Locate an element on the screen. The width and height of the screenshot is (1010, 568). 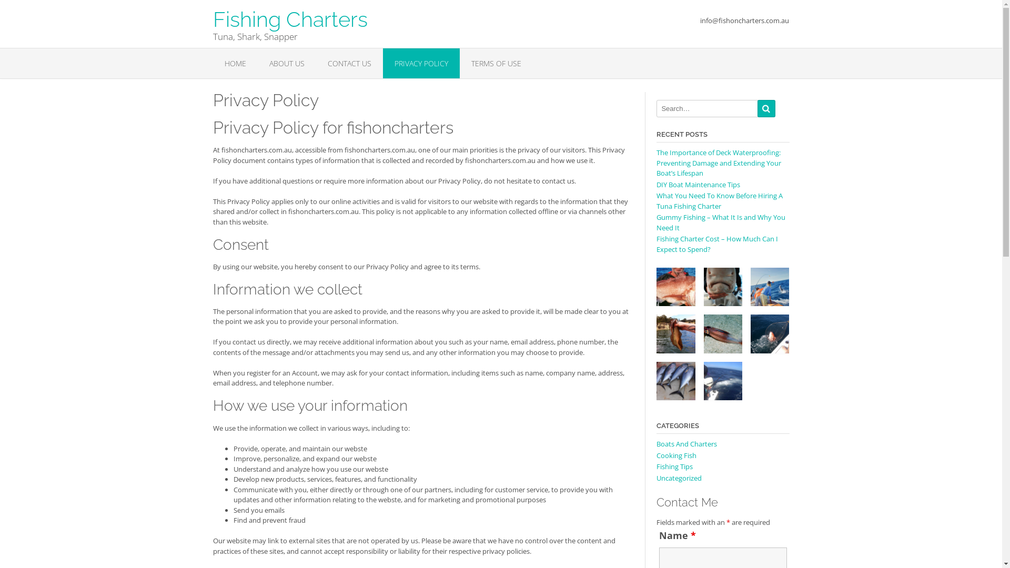
'Search for:' is located at coordinates (707, 108).